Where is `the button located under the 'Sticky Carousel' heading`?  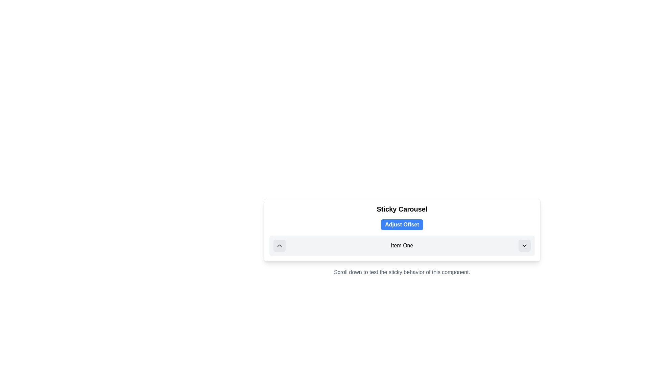 the button located under the 'Sticky Carousel' heading is located at coordinates (402, 230).